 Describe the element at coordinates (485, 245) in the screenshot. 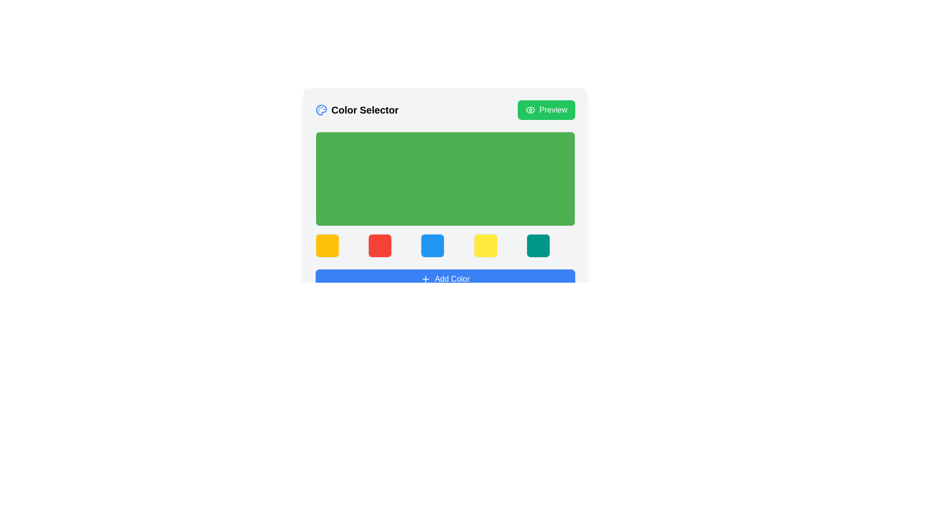

I see `the fourth button from the left, a square button with a rounded border and bright yellow color` at that location.